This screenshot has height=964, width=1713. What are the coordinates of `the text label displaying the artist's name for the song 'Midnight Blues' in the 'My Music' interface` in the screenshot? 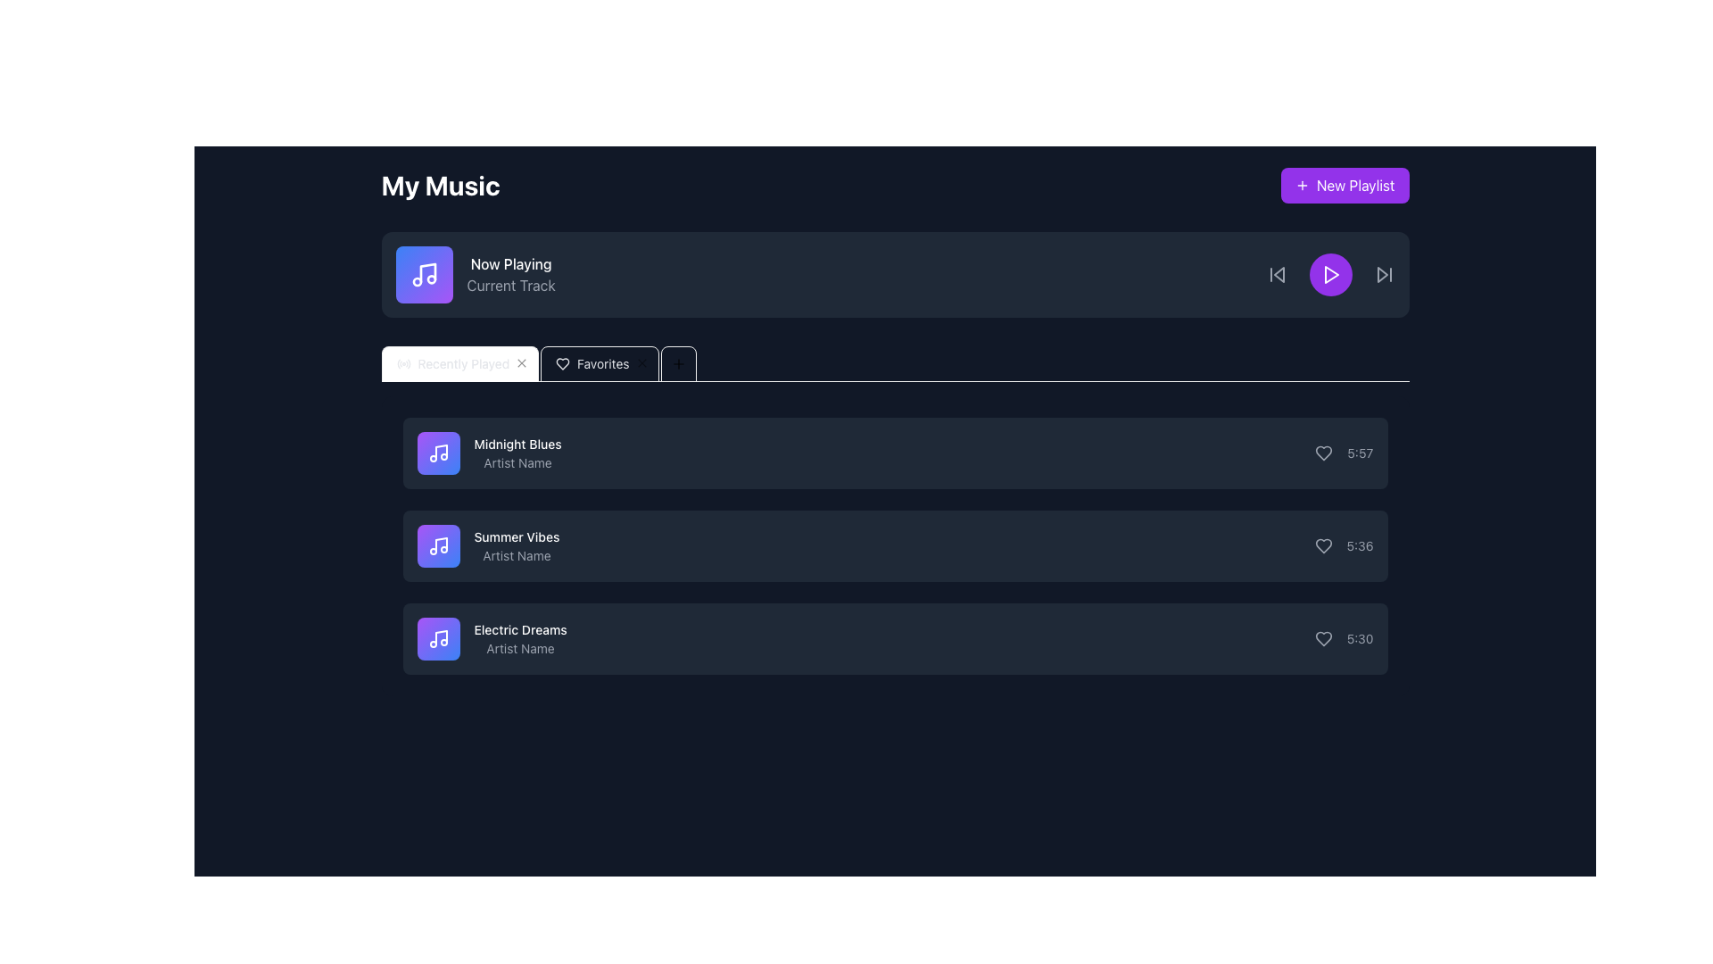 It's located at (517, 462).